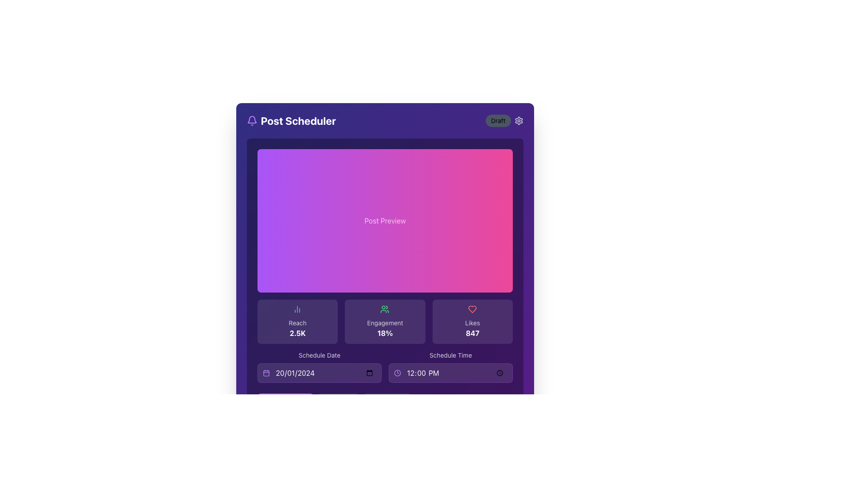 The height and width of the screenshot is (478, 851). I want to click on the Text Display element that shows the count of likes, located within the 'Likes' card, positioned below the heart icon and 'Likes' label, so click(472, 333).